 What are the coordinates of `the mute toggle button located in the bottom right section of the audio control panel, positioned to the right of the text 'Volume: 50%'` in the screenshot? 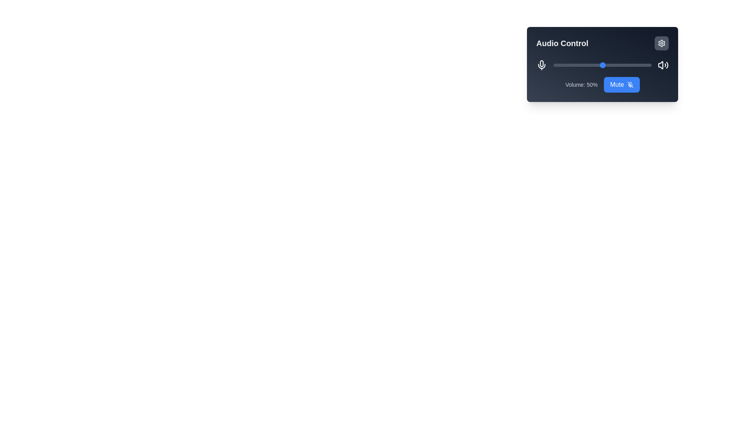 It's located at (621, 84).